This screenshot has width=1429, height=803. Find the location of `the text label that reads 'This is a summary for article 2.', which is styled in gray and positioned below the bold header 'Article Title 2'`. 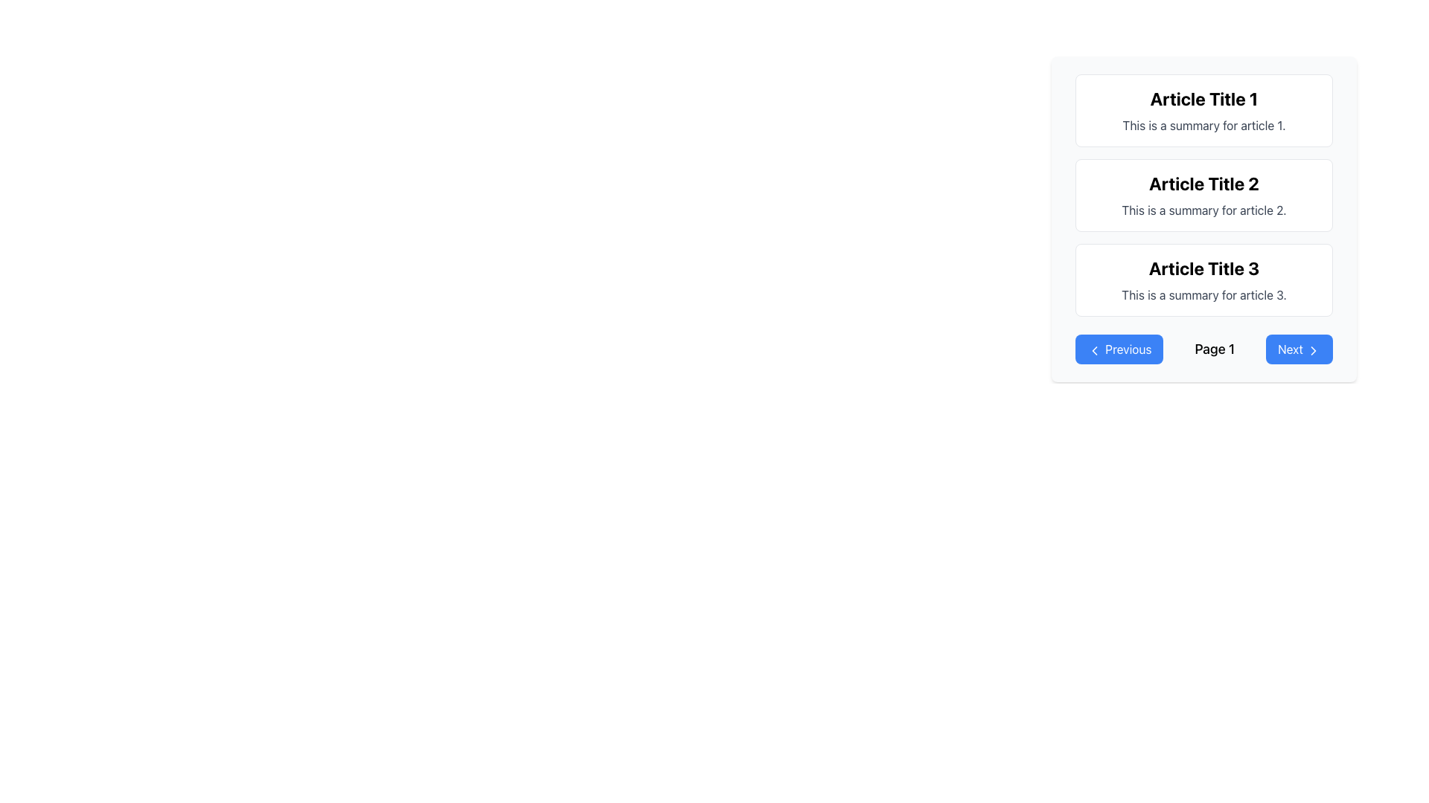

the text label that reads 'This is a summary for article 2.', which is styled in gray and positioned below the bold header 'Article Title 2' is located at coordinates (1203, 210).